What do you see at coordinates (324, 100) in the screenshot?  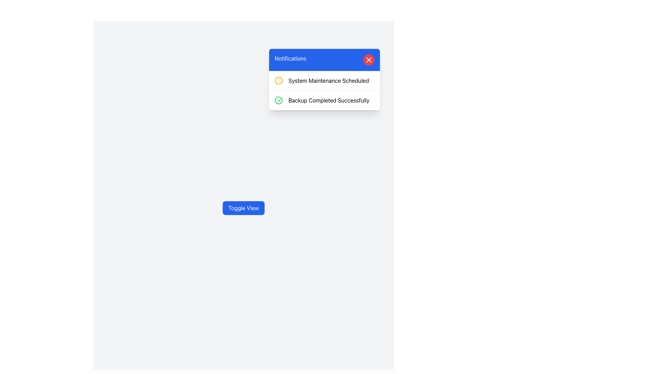 I see `text of the second notification item in the Notifications list, which informs about the successful completion of a backup operation` at bounding box center [324, 100].